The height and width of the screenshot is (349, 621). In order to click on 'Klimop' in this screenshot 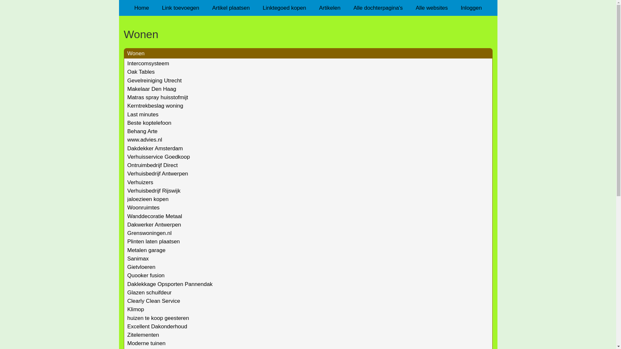, I will do `click(136, 309)`.